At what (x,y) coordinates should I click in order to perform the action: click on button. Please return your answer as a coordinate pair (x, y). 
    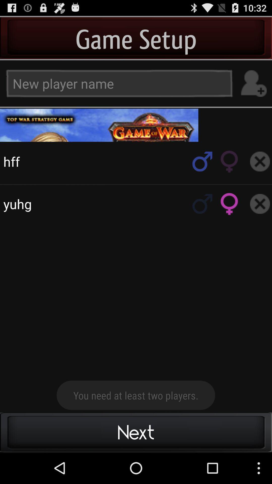
    Looking at the image, I should click on (260, 161).